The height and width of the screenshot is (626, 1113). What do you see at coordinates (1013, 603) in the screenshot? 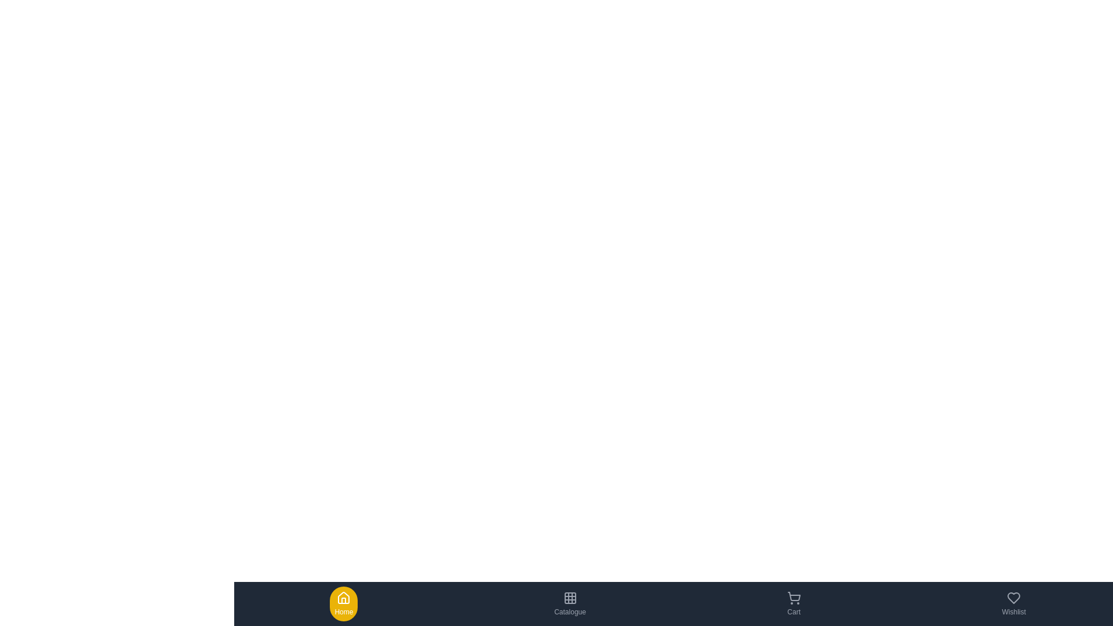
I see `the Wishlist tab to navigate to its section` at bounding box center [1013, 603].